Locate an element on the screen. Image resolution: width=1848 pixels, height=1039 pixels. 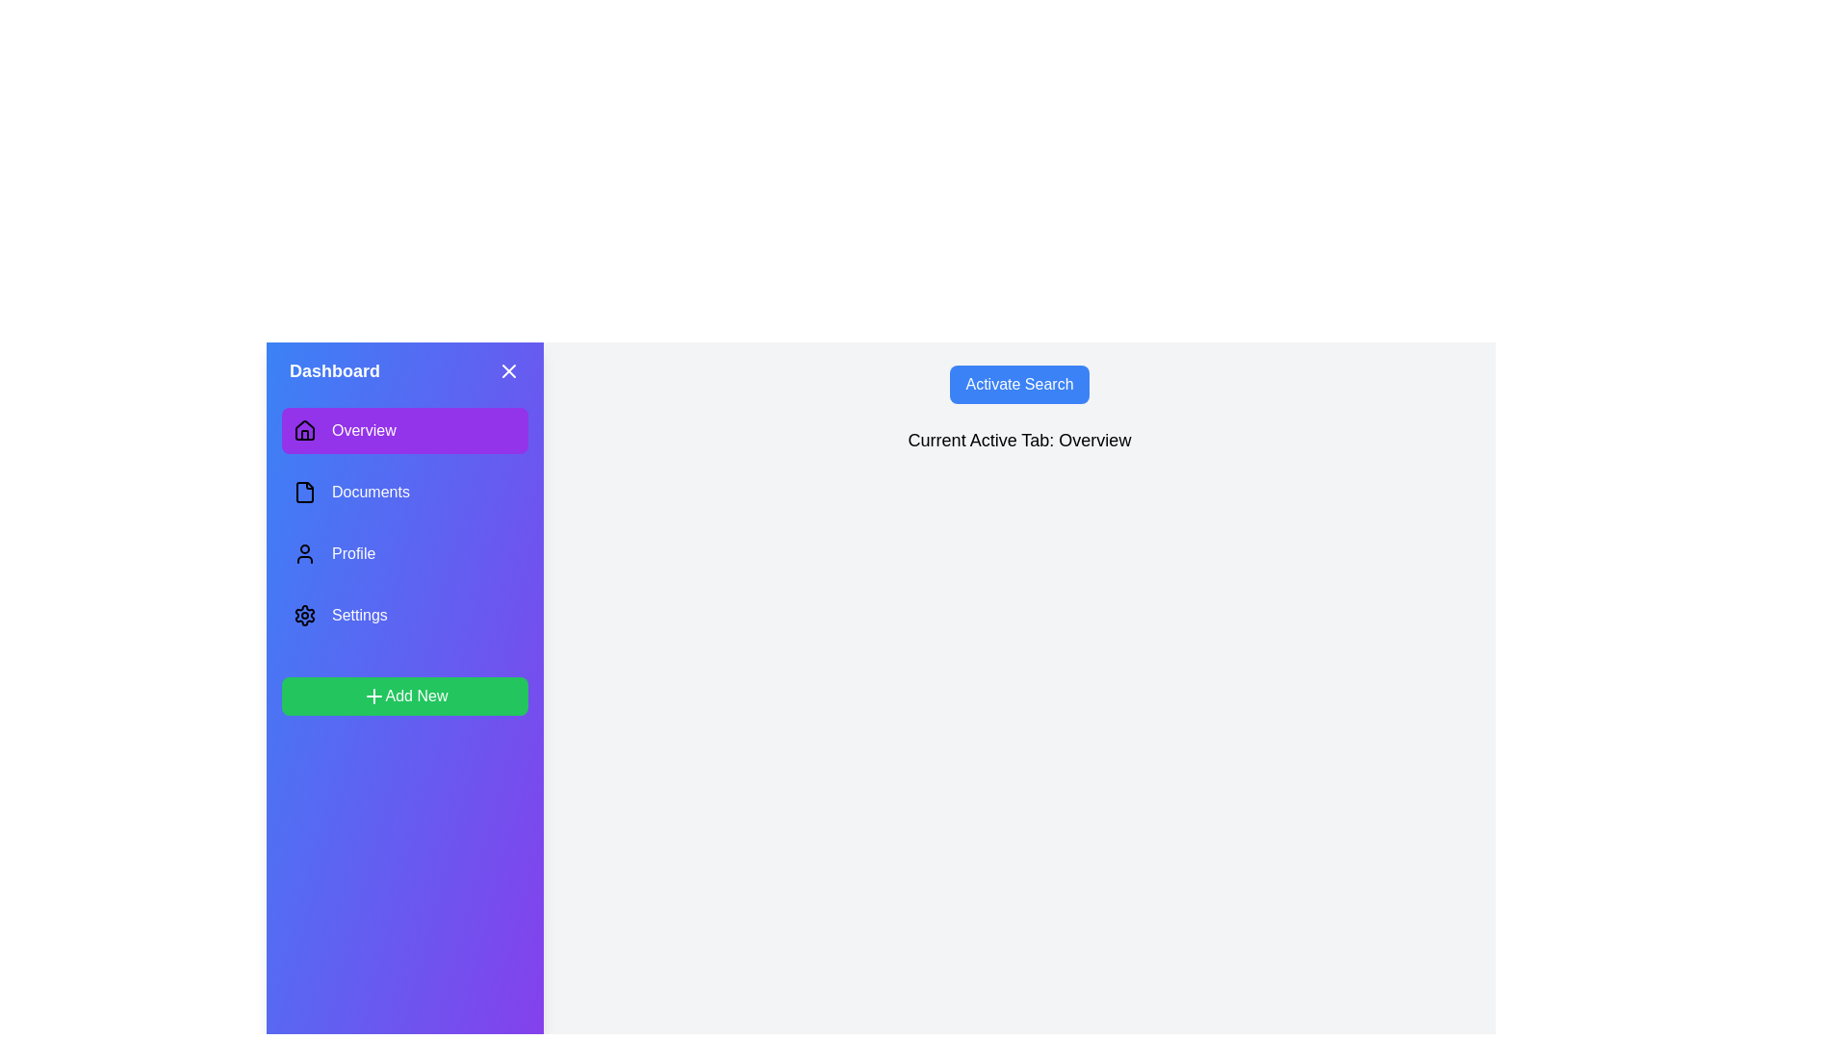
the 'Settings' text label located in the vertical navigation menu on the left side, positioned between 'Profile' and 'Add New' is located at coordinates (359, 616).